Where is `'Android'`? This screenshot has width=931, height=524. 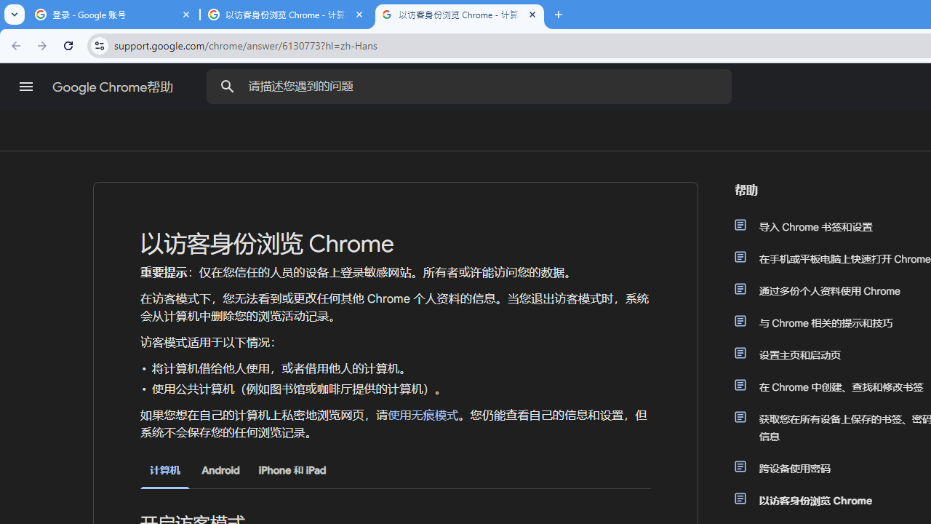
'Android' is located at coordinates (220, 470).